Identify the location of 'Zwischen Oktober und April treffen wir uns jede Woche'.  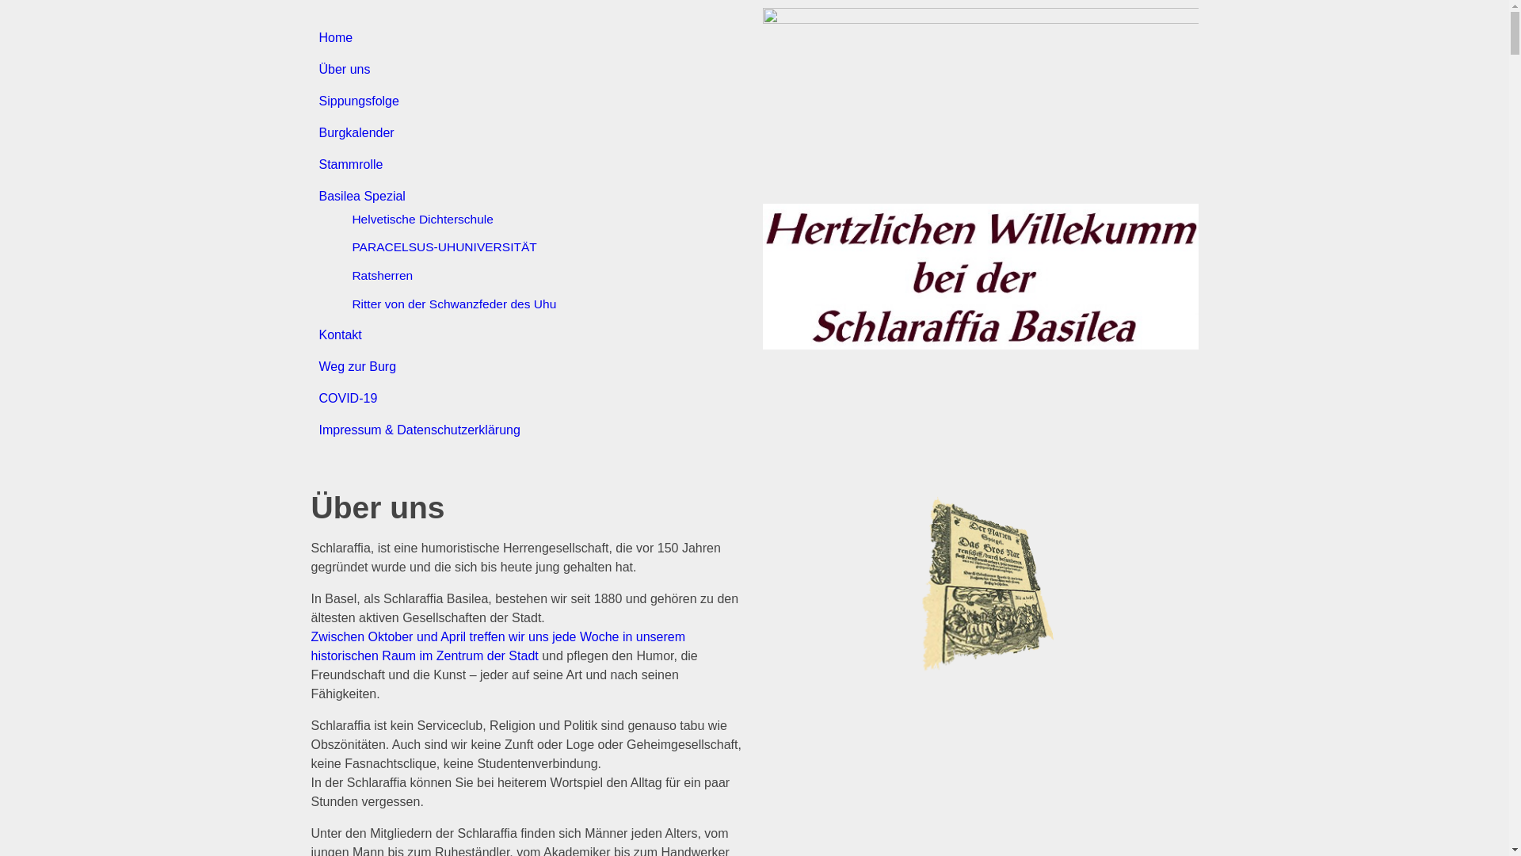
(463, 636).